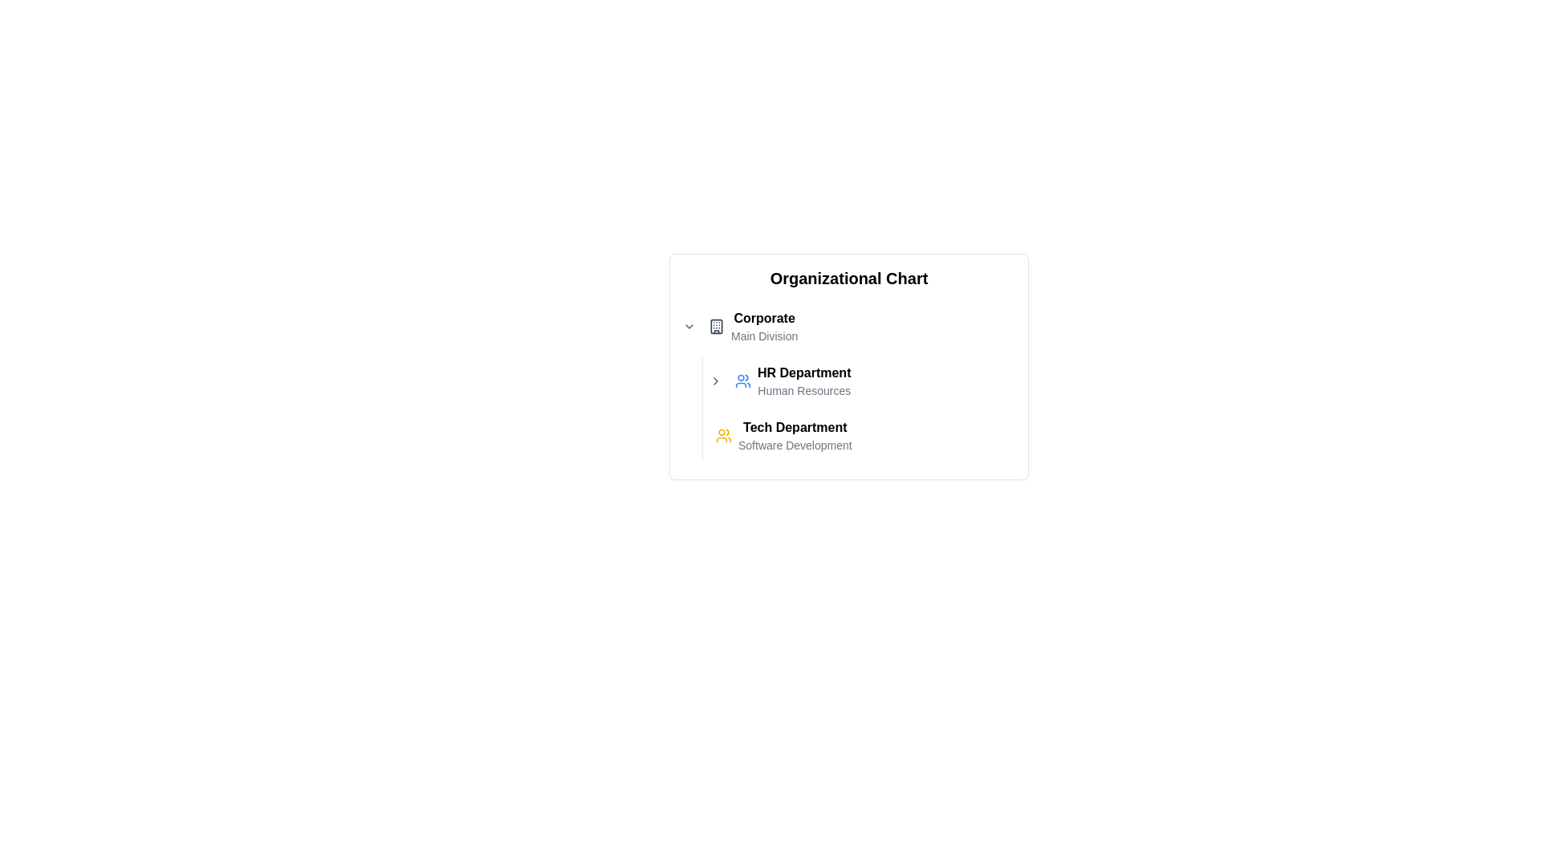  Describe the element at coordinates (783, 436) in the screenshot. I see `the 'Tech Department' text item, which includes a bold title and a subtitle` at that location.